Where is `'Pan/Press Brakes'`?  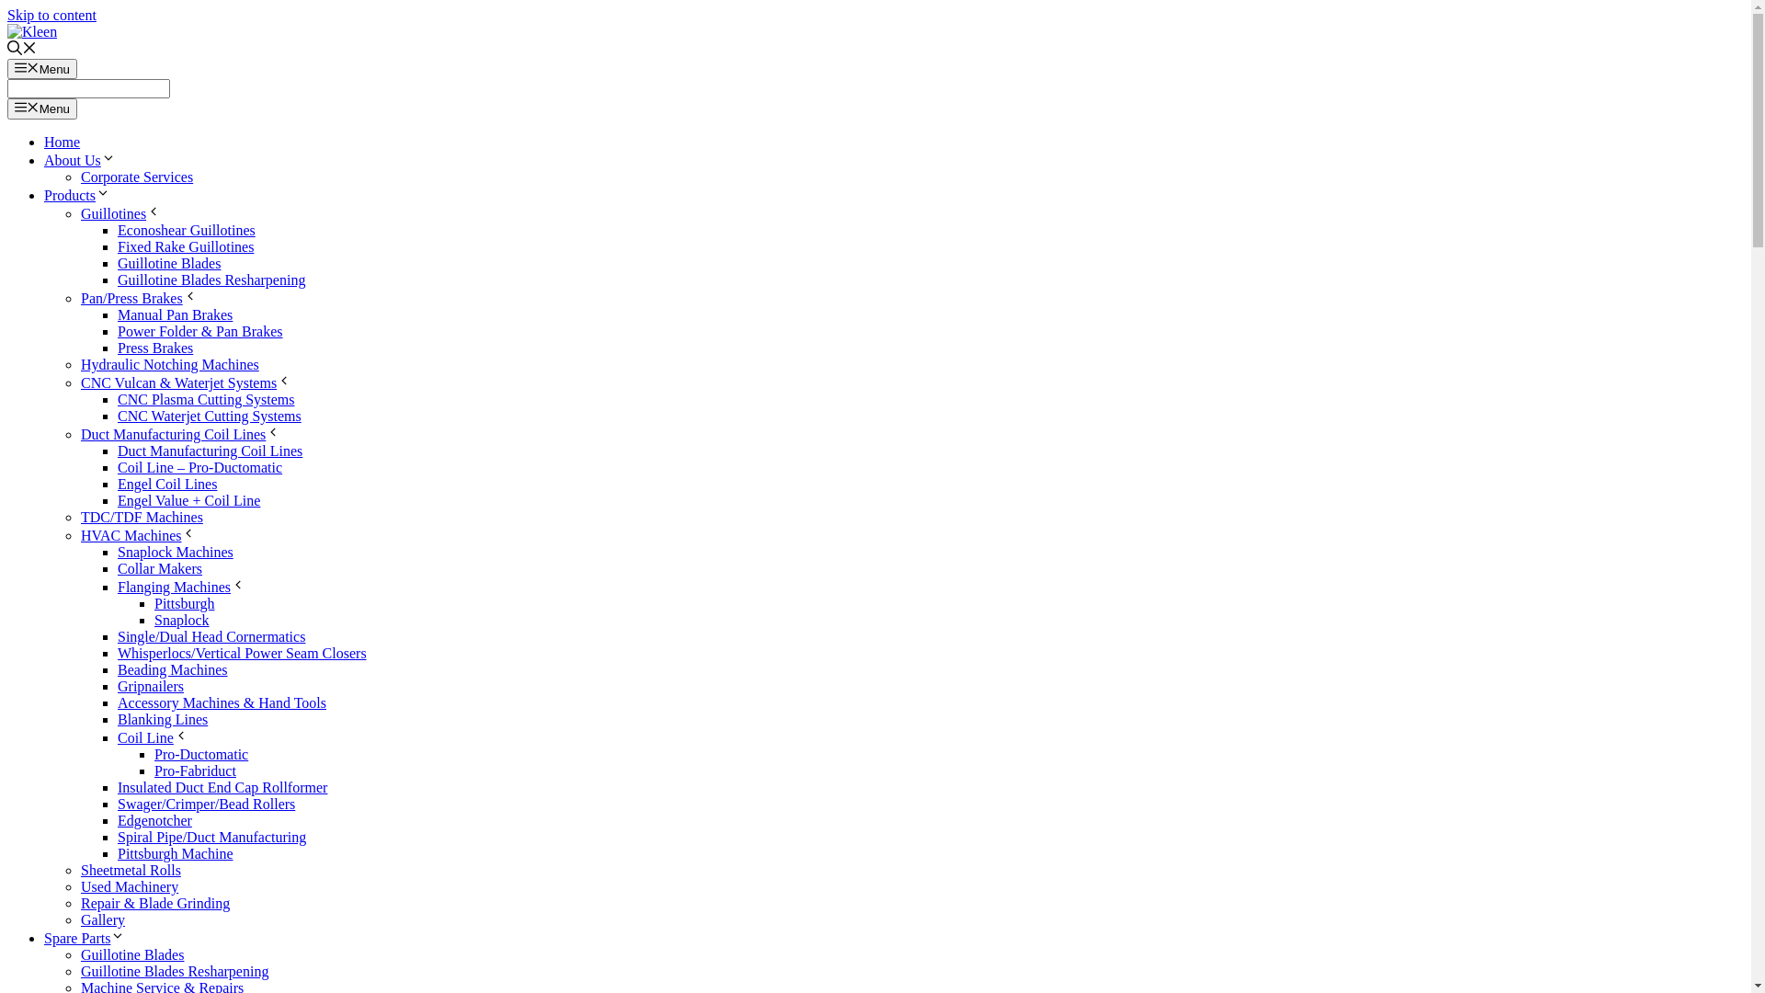 'Pan/Press Brakes' is located at coordinates (138, 297).